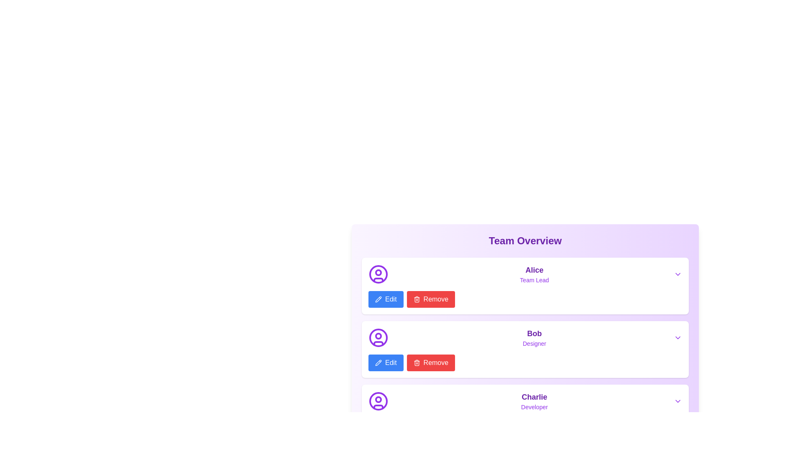 Image resolution: width=803 pixels, height=451 pixels. I want to click on the 'Edit' button located in the 'Edit Remove' button group for 'Bob' in the second row of the 'Team Overview' section, so click(385, 362).